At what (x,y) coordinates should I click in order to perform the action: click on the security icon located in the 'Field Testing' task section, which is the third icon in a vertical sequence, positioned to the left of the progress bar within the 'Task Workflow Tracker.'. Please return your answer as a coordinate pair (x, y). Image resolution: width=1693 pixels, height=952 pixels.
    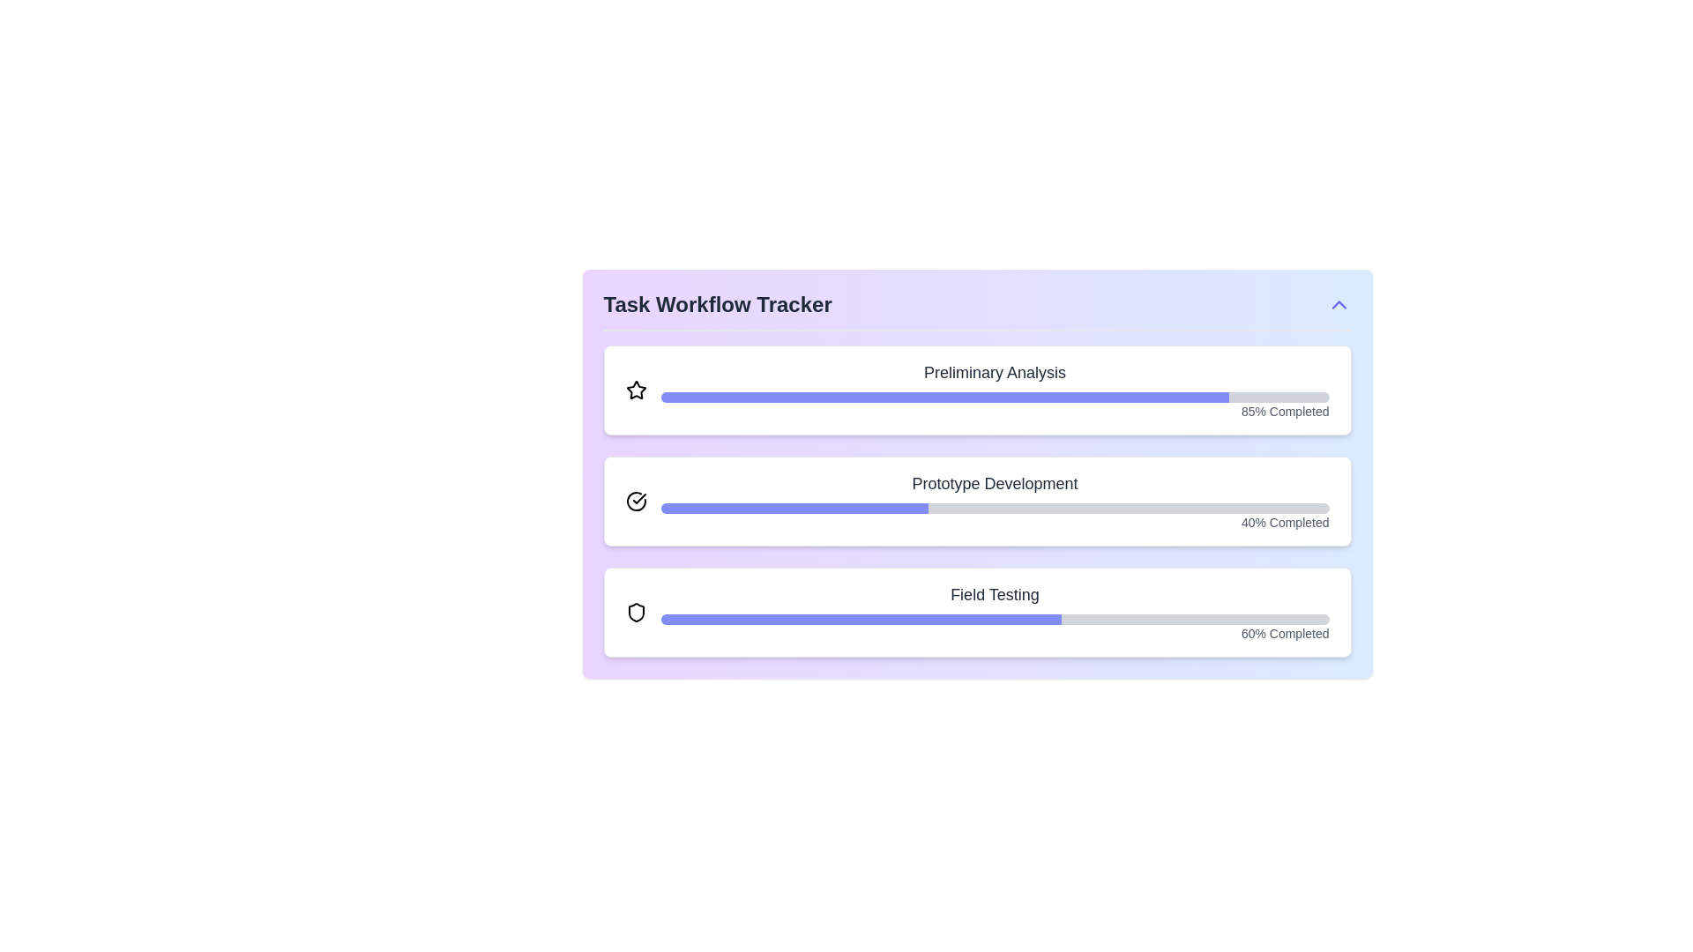
    Looking at the image, I should click on (635, 611).